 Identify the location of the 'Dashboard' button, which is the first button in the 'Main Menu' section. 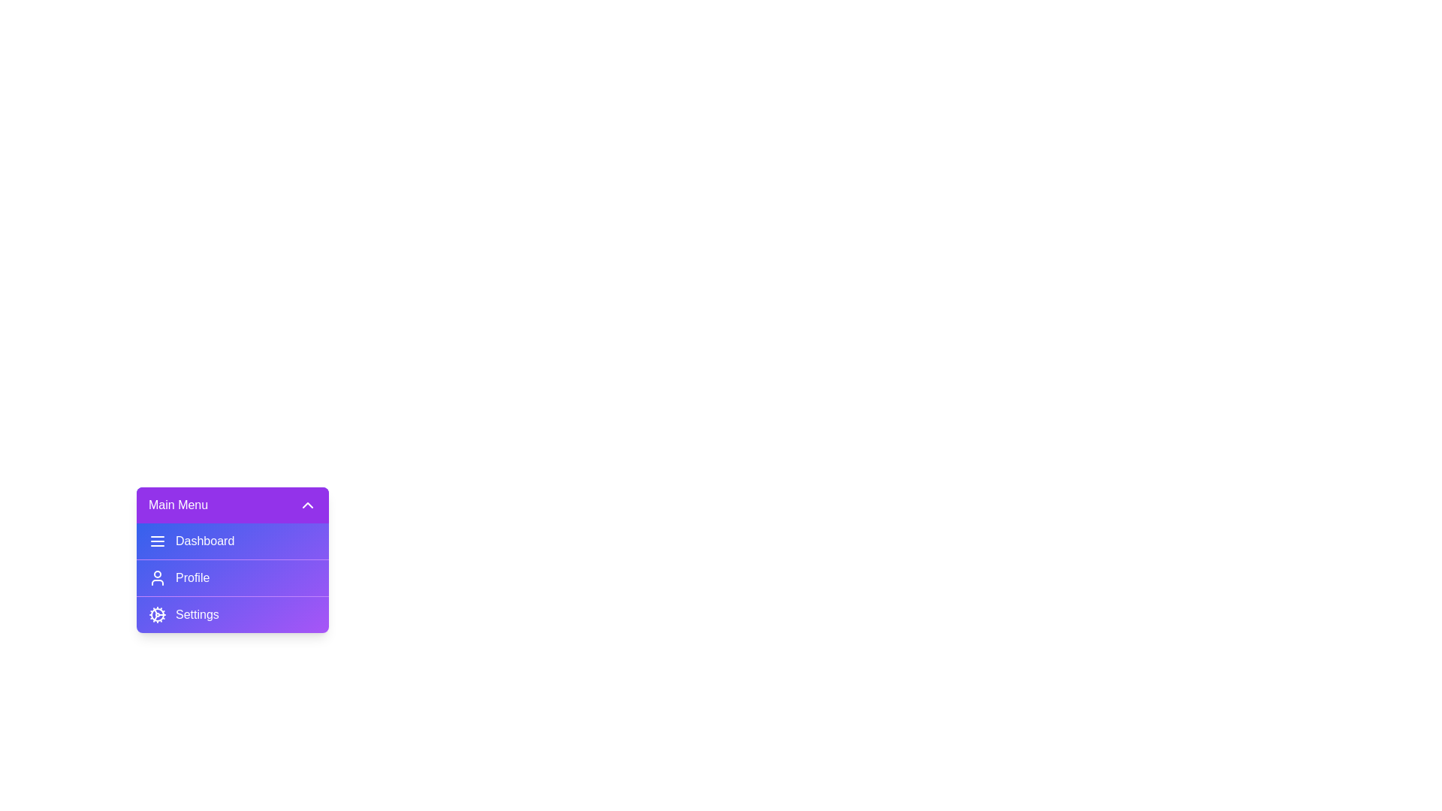
(232, 541).